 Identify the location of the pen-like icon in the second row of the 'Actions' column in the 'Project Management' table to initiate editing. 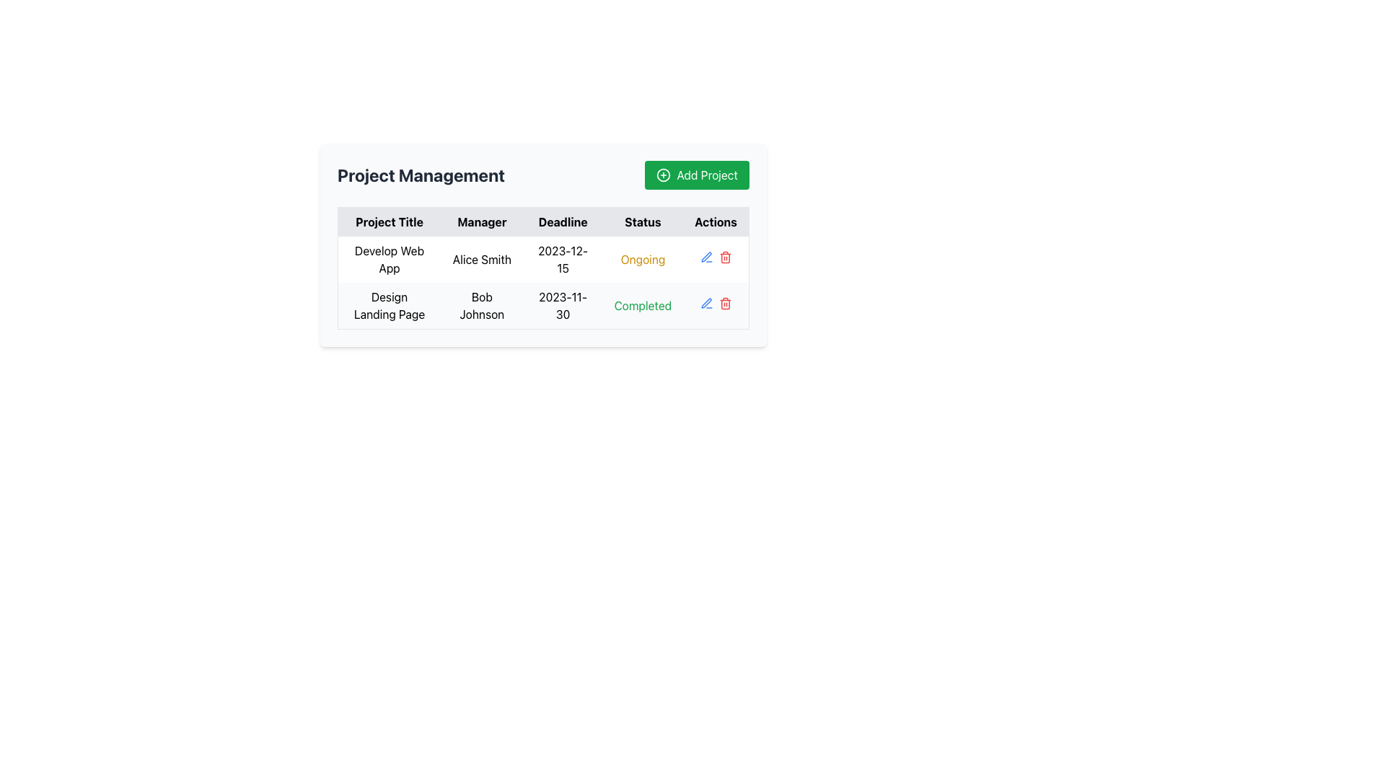
(706, 256).